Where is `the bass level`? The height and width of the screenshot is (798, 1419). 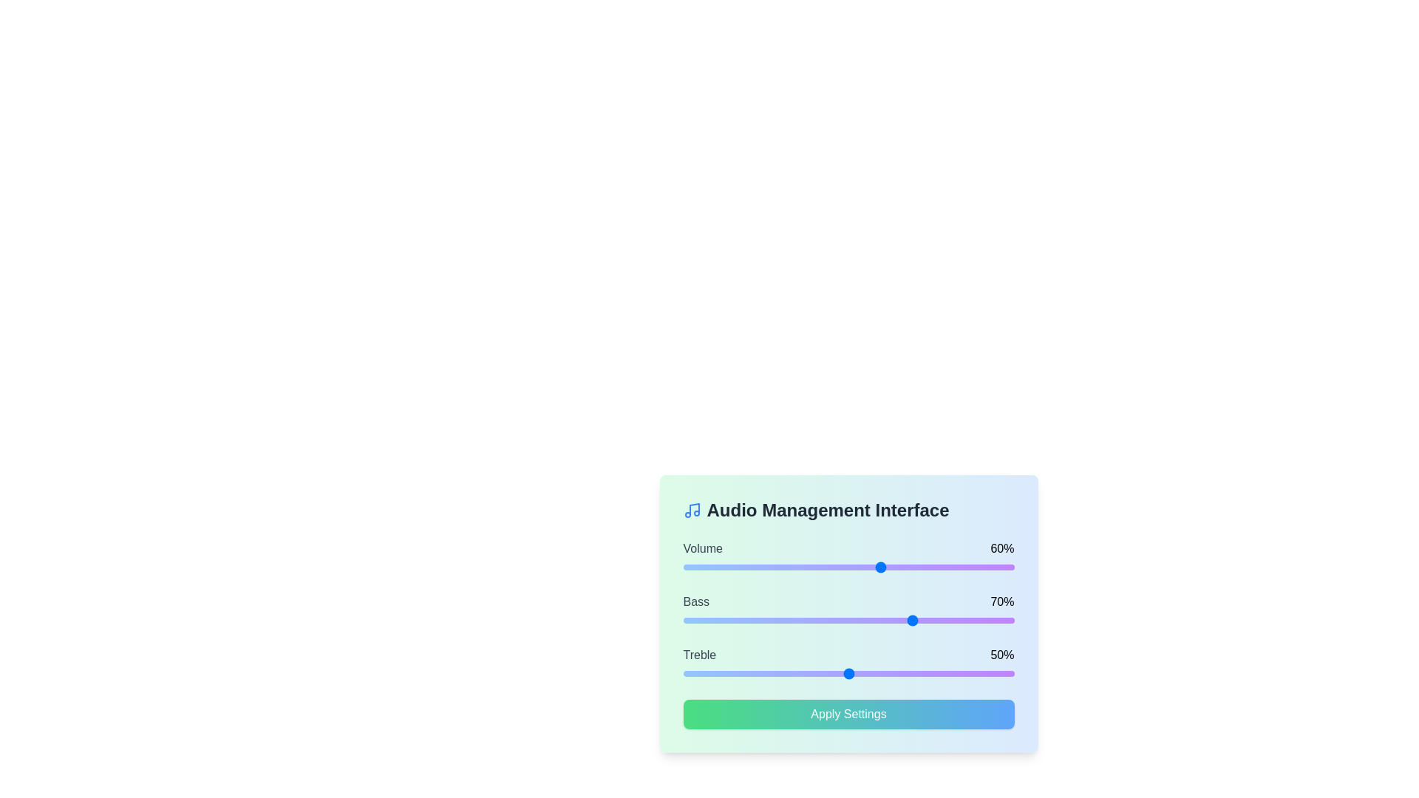
the bass level is located at coordinates (937, 621).